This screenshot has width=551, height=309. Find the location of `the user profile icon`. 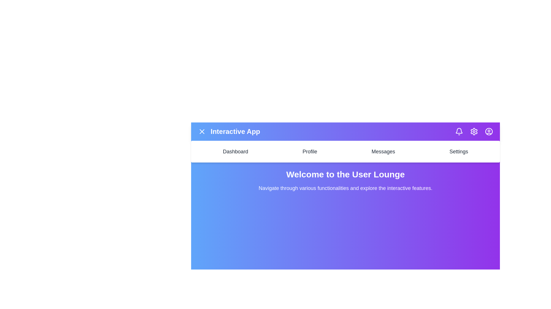

the user profile icon is located at coordinates (489, 131).